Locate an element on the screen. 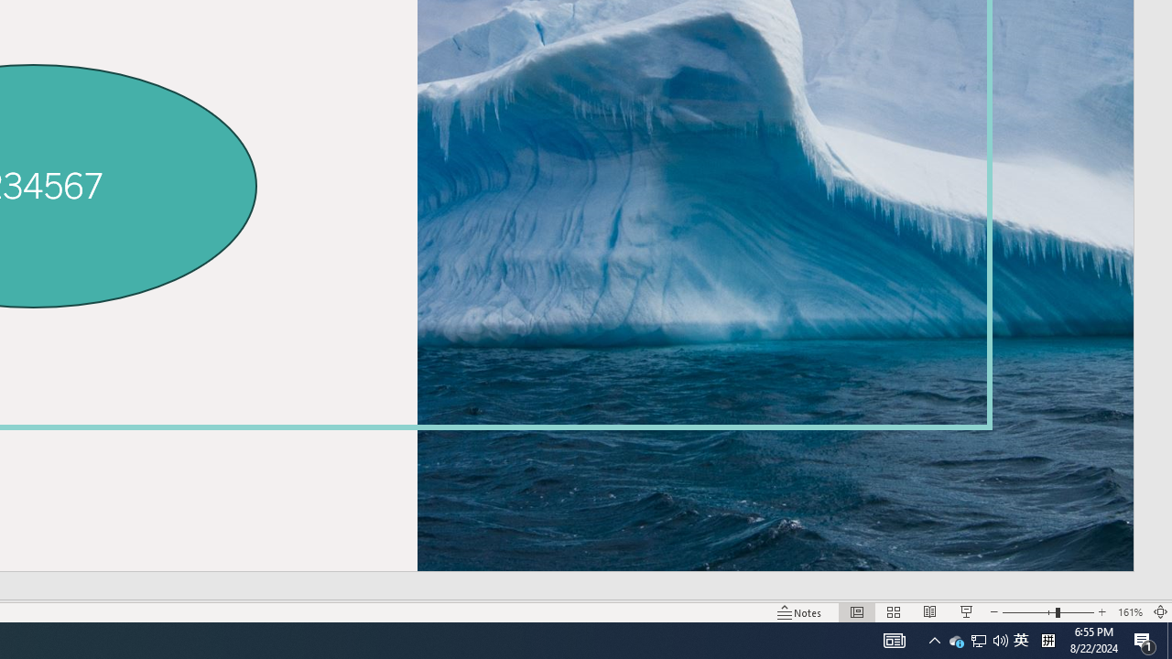 This screenshot has width=1172, height=659. 'Zoom 161%' is located at coordinates (1129, 612).